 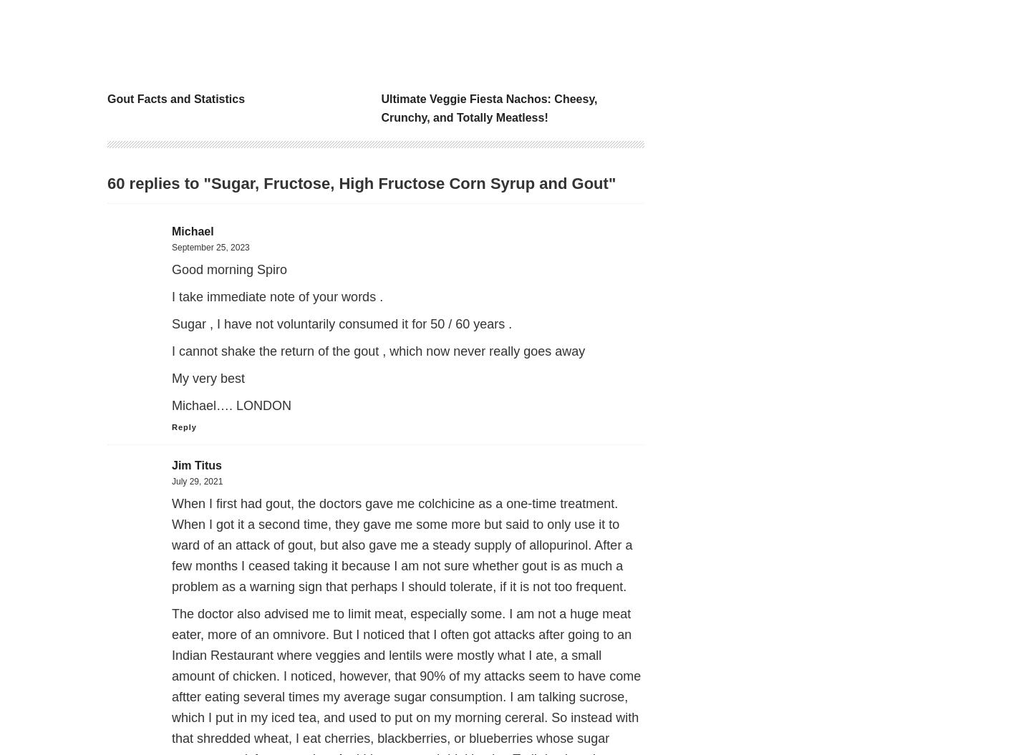 I want to click on 'I take  immediate note of your words .', so click(x=276, y=296).